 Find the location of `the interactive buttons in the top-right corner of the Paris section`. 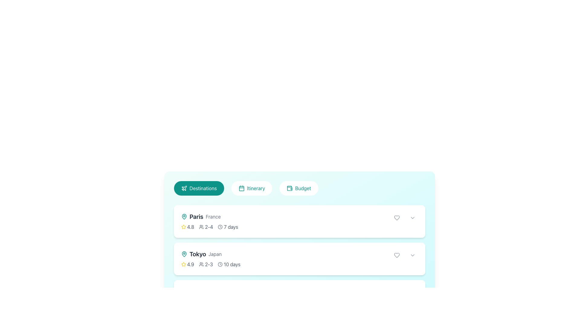

the interactive buttons in the top-right corner of the Paris section is located at coordinates (404, 218).